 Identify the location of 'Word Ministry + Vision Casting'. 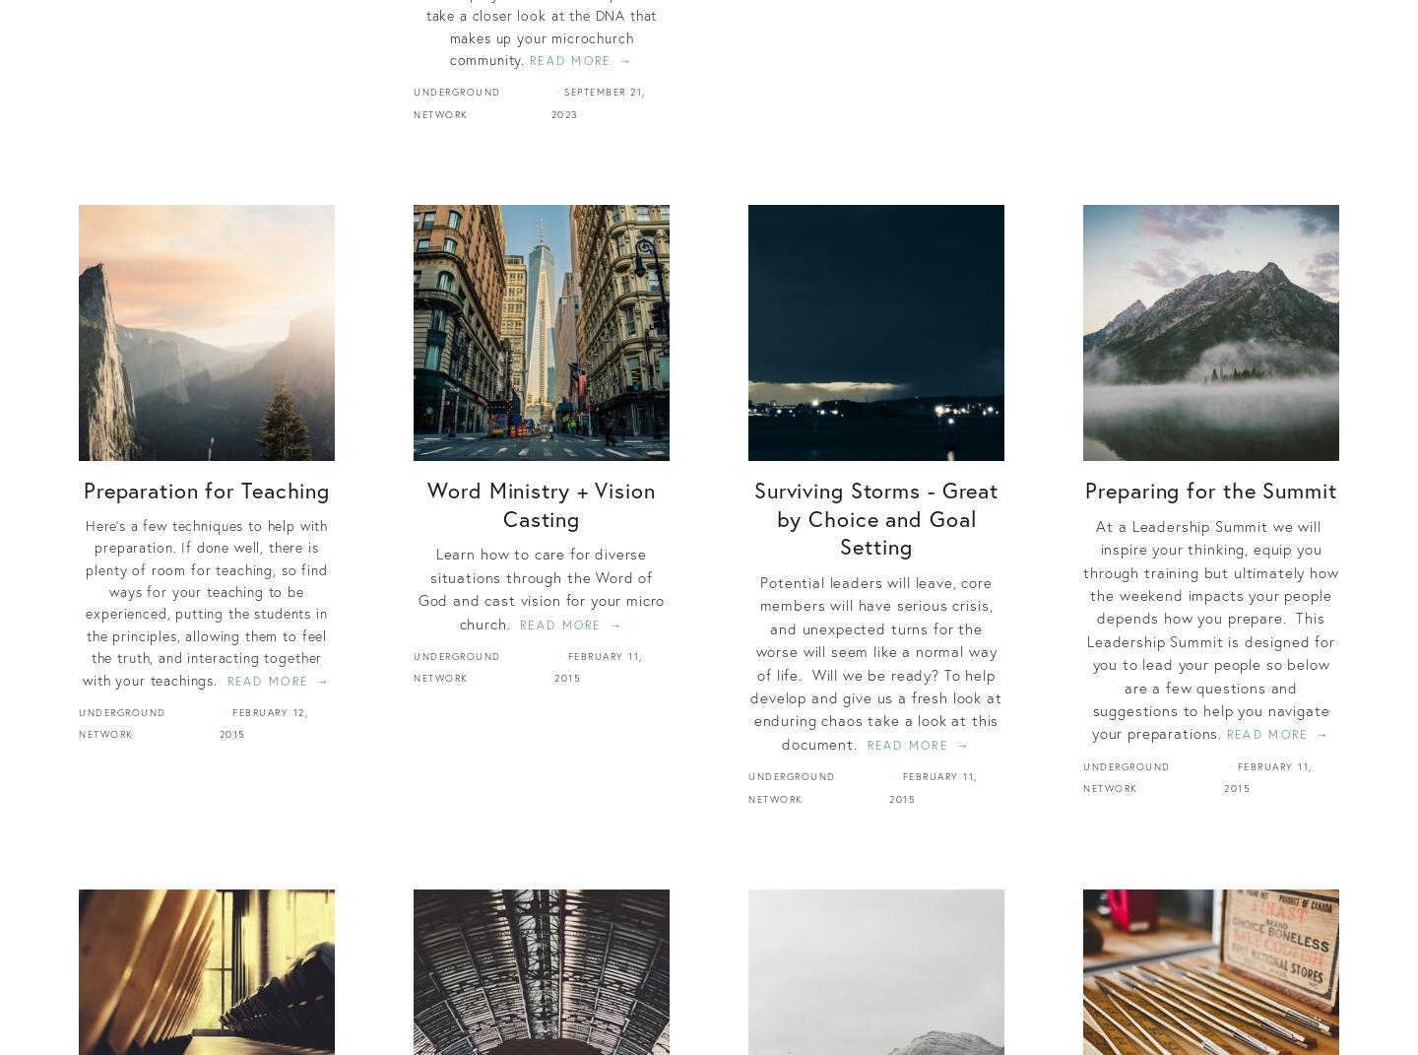
(541, 502).